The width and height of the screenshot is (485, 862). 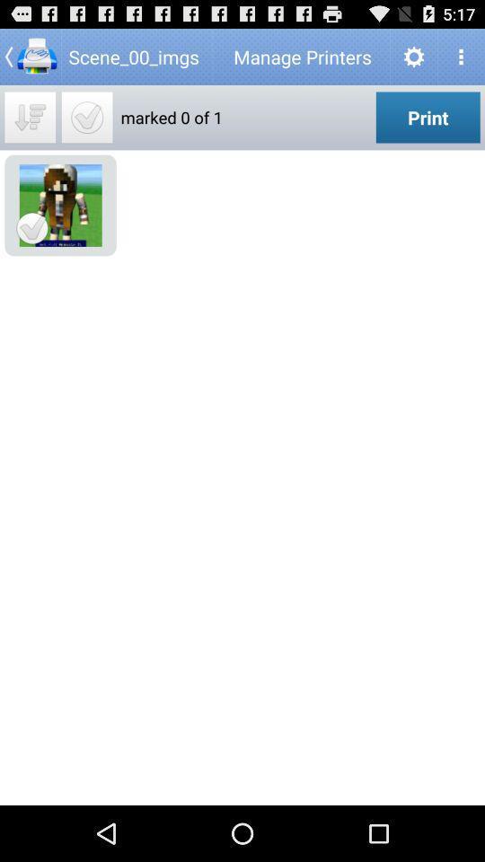 I want to click on switch sort method, so click(x=29, y=116).